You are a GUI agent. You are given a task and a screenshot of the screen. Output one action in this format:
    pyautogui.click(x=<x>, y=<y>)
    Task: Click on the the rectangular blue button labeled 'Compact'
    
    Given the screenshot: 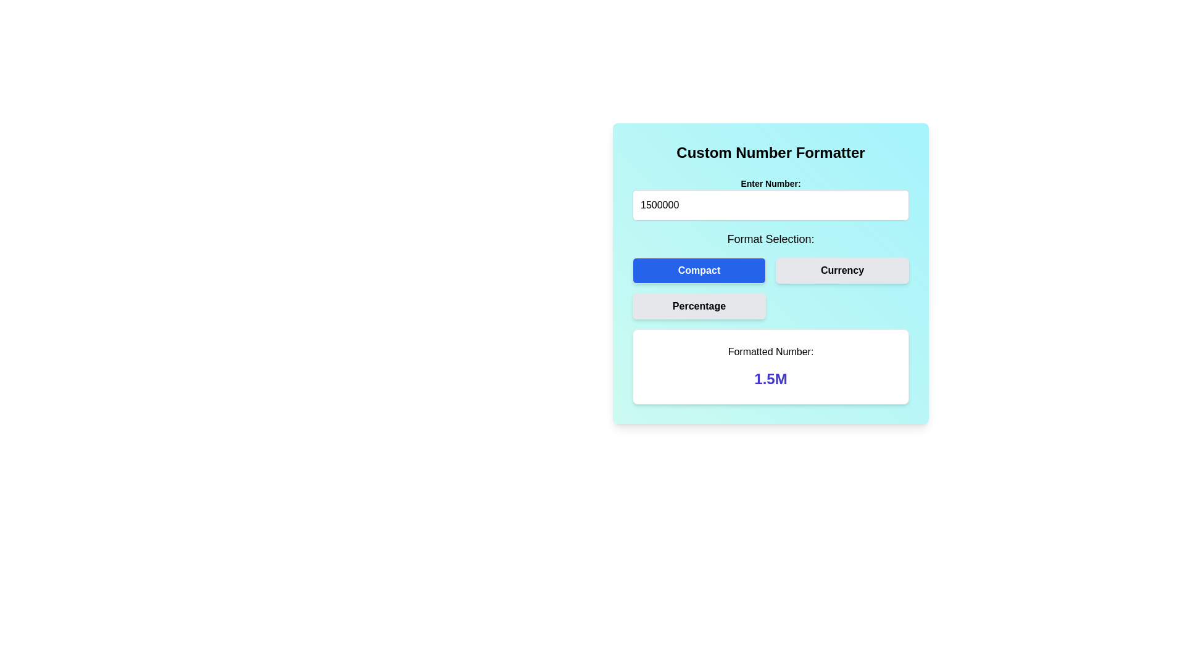 What is the action you would take?
    pyautogui.click(x=699, y=270)
    